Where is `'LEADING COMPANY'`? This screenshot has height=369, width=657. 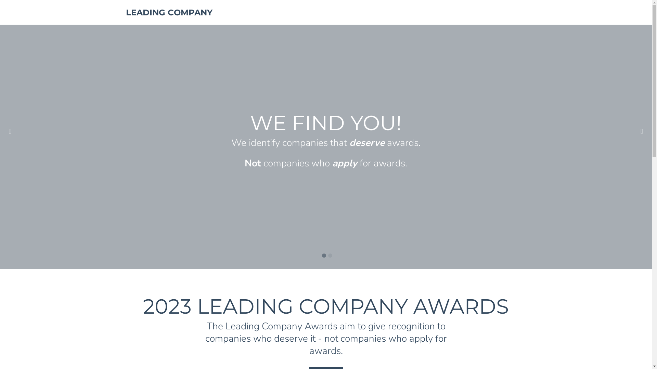 'LEADING COMPANY' is located at coordinates (126, 12).